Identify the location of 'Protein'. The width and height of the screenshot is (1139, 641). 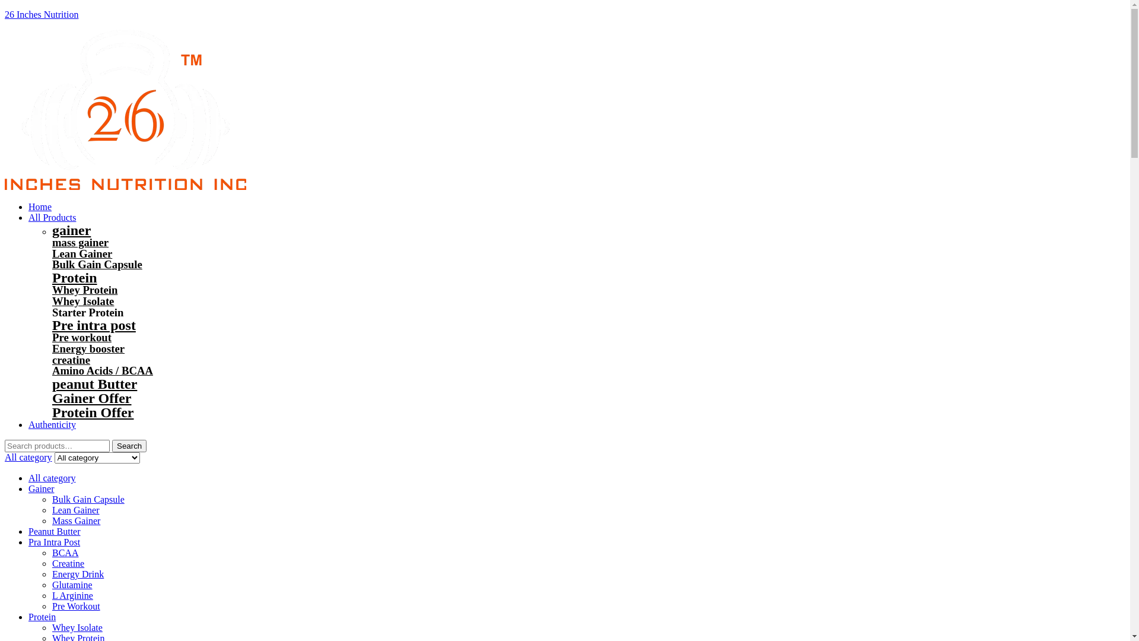
(42, 616).